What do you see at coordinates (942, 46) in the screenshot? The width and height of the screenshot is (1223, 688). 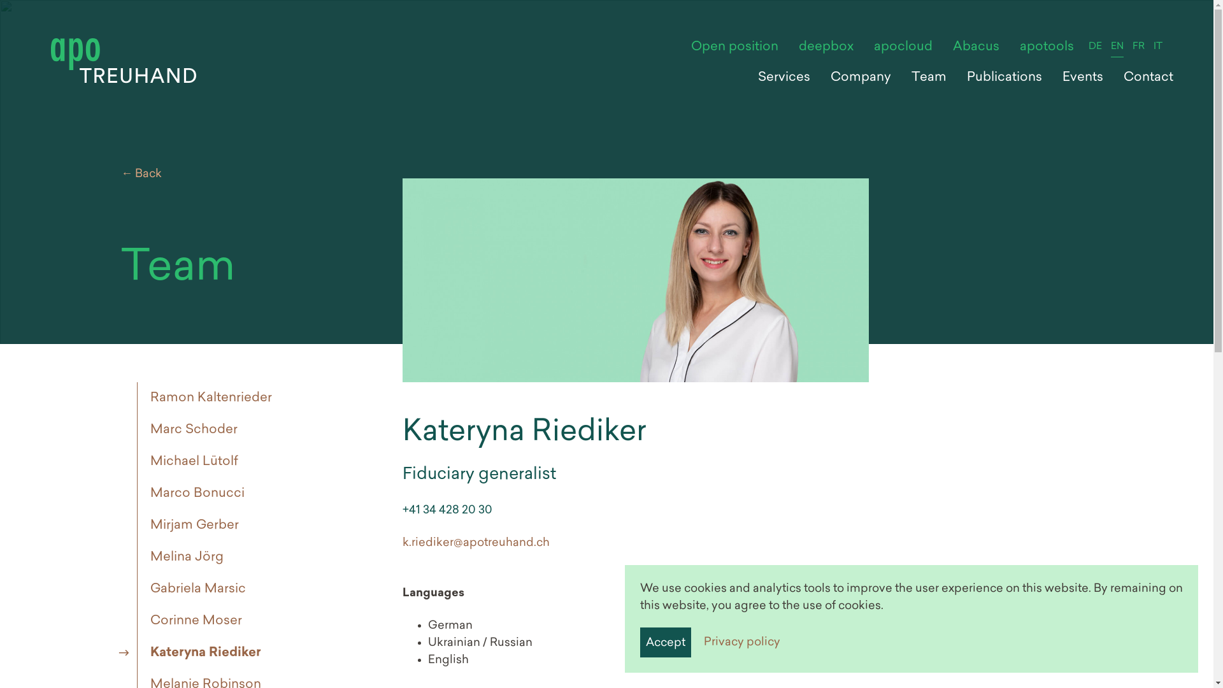 I see `'Abacus'` at bounding box center [942, 46].